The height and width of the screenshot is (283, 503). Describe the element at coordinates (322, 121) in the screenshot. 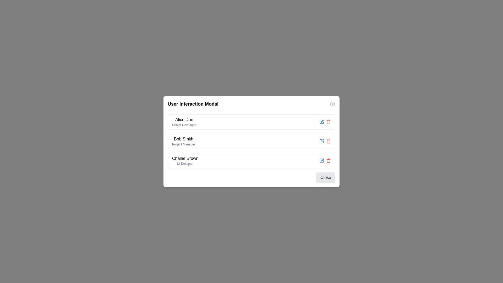

I see `the editing icon located to the left within the square icon group next to the 'Alice Doe' user information row` at that location.